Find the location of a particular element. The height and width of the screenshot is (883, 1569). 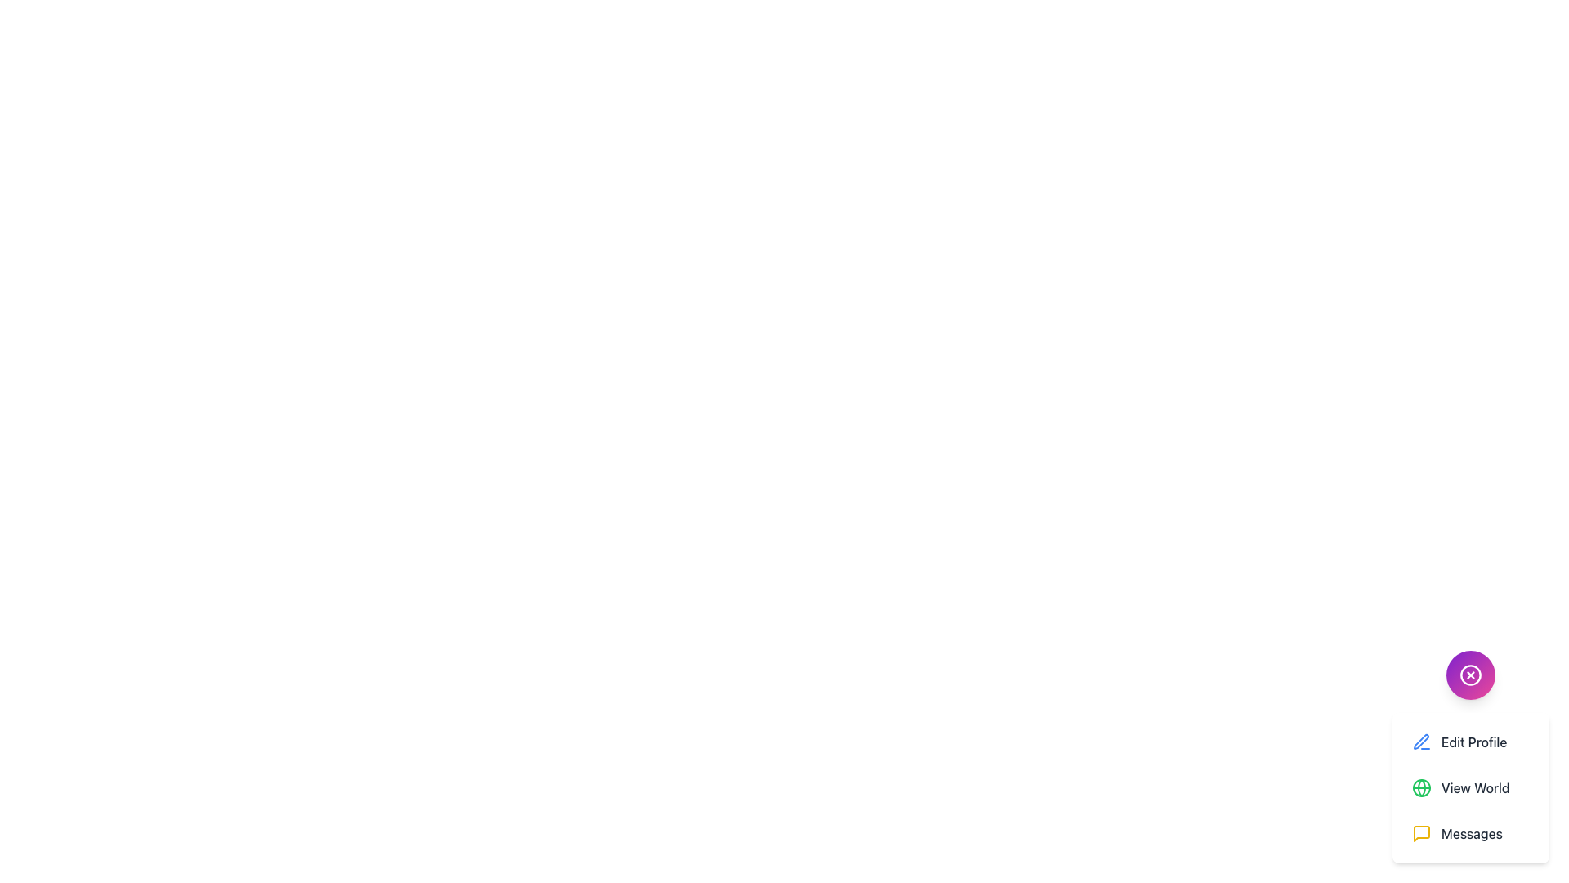

the 'View World' button, which is styled with medium weight gray font and located below 'Edit Profile' in the vertical list is located at coordinates (1471, 787).